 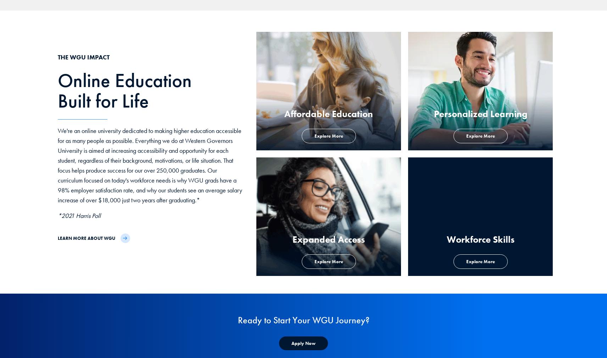 I want to click on '*2021 Harris Poll', so click(x=79, y=215).